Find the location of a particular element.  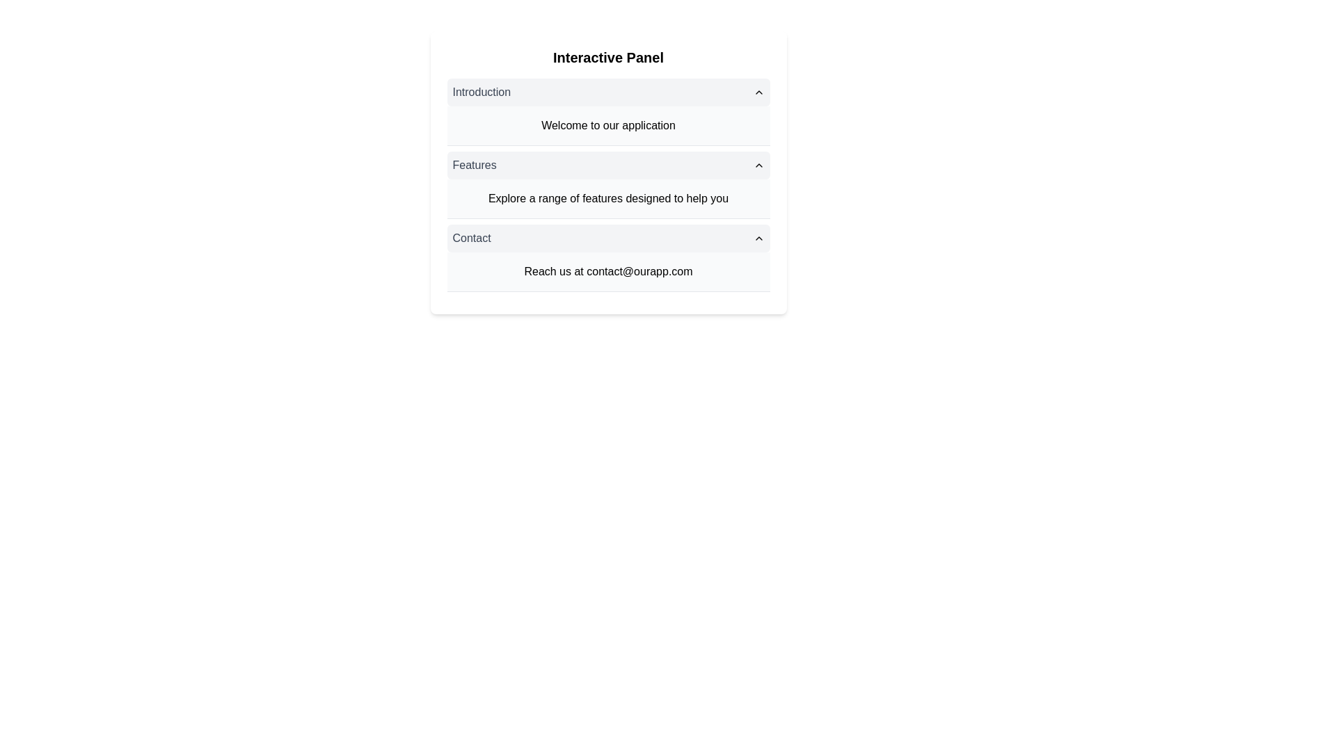

the bold text element labeled 'Features' is located at coordinates (474, 165).